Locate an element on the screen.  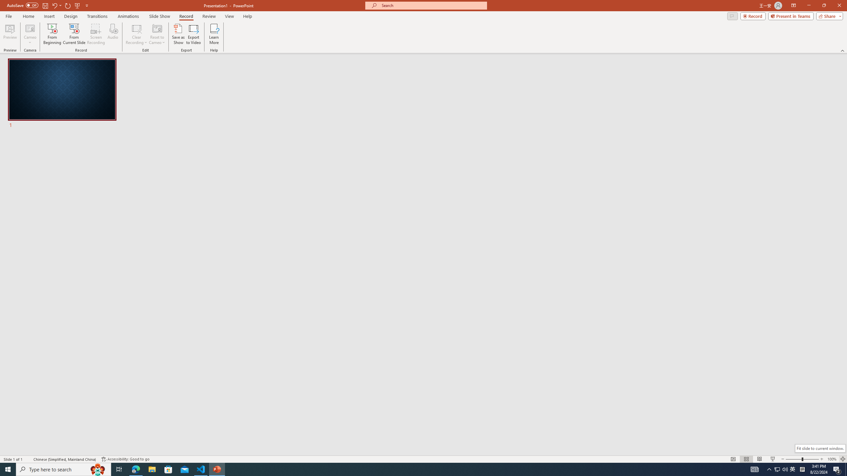
'Accessibility Checker Accessibility: Good to go' is located at coordinates (125, 459).